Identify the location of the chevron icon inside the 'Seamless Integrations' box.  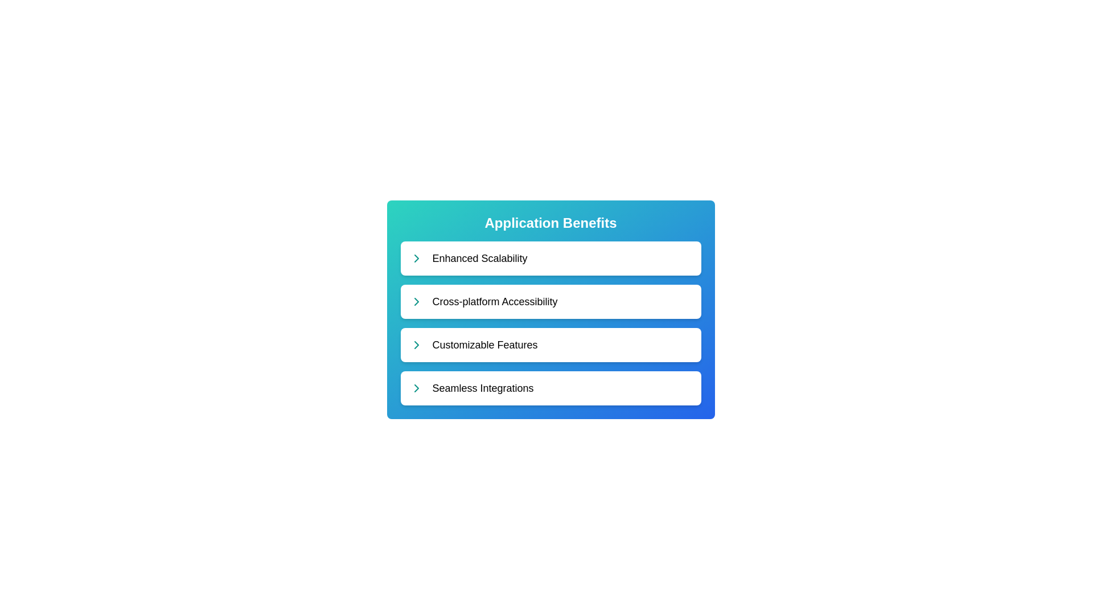
(416, 388).